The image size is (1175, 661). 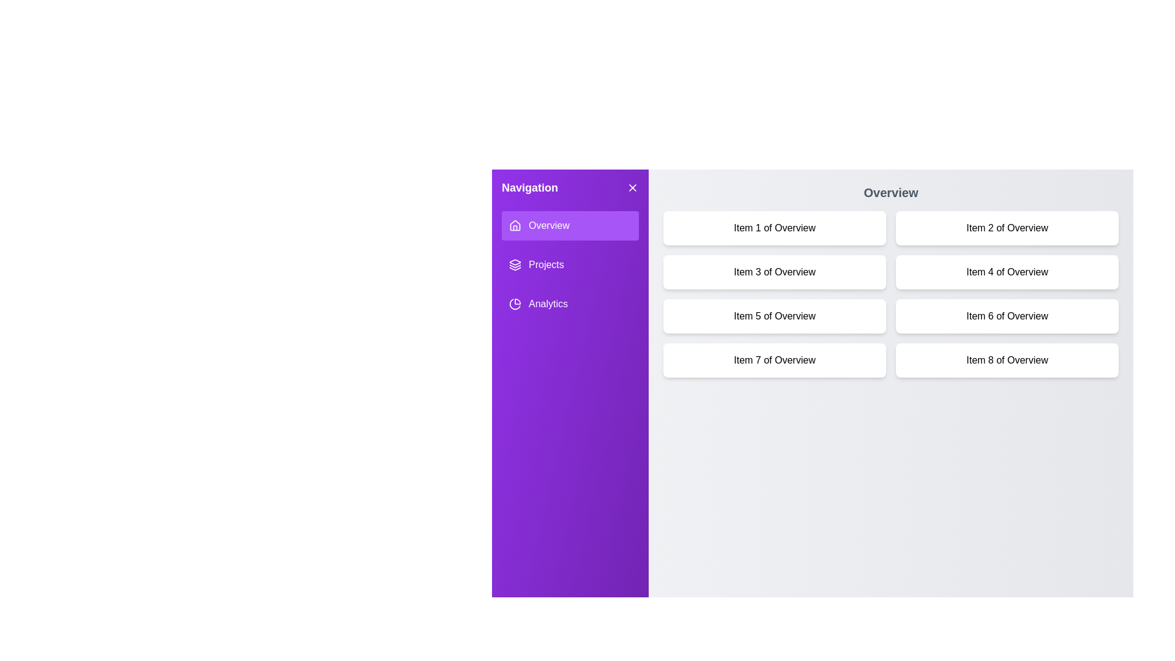 I want to click on the navigation tab Analytics, so click(x=569, y=304).